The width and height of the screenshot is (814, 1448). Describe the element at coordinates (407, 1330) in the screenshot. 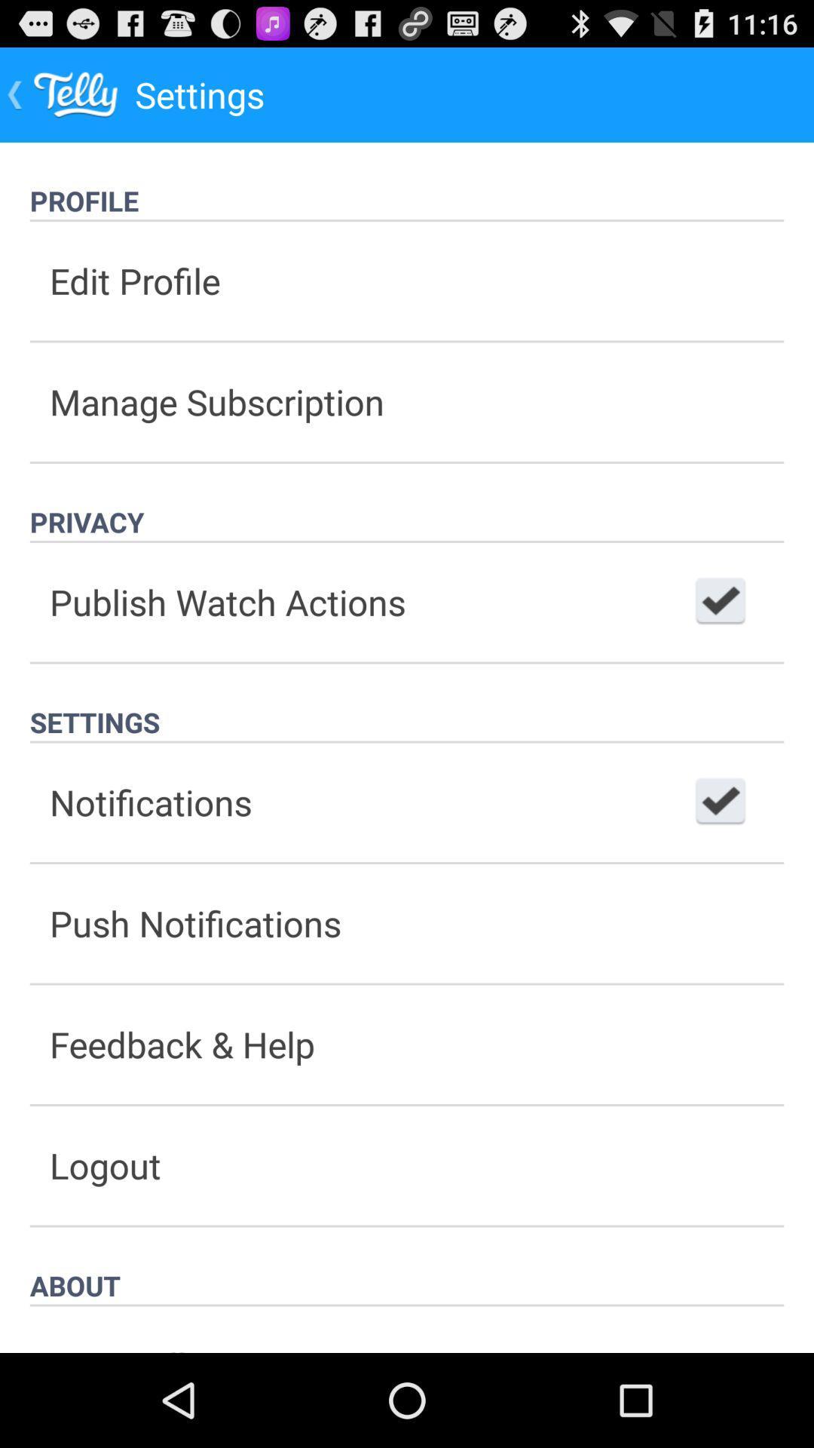

I see `the rate telly item` at that location.